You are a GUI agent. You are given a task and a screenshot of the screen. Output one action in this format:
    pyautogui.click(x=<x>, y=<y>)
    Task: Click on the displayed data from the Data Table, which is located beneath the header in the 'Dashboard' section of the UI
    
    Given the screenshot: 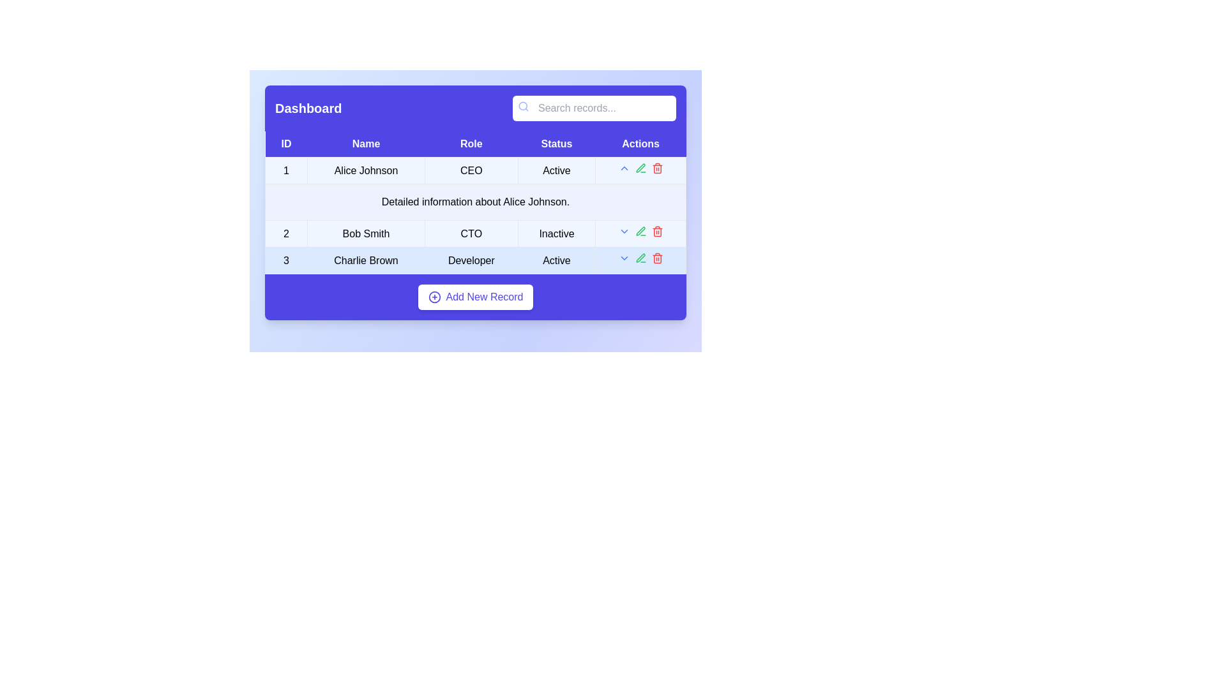 What is the action you would take?
    pyautogui.click(x=474, y=202)
    